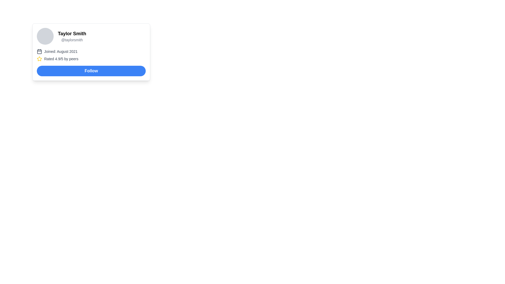 The height and width of the screenshot is (284, 505). What do you see at coordinates (72, 36) in the screenshot?
I see `the Composite text display showing the name 'Taylor Smith' and username '@taylorsmith', which is positioned to the right of a circular avatar` at bounding box center [72, 36].